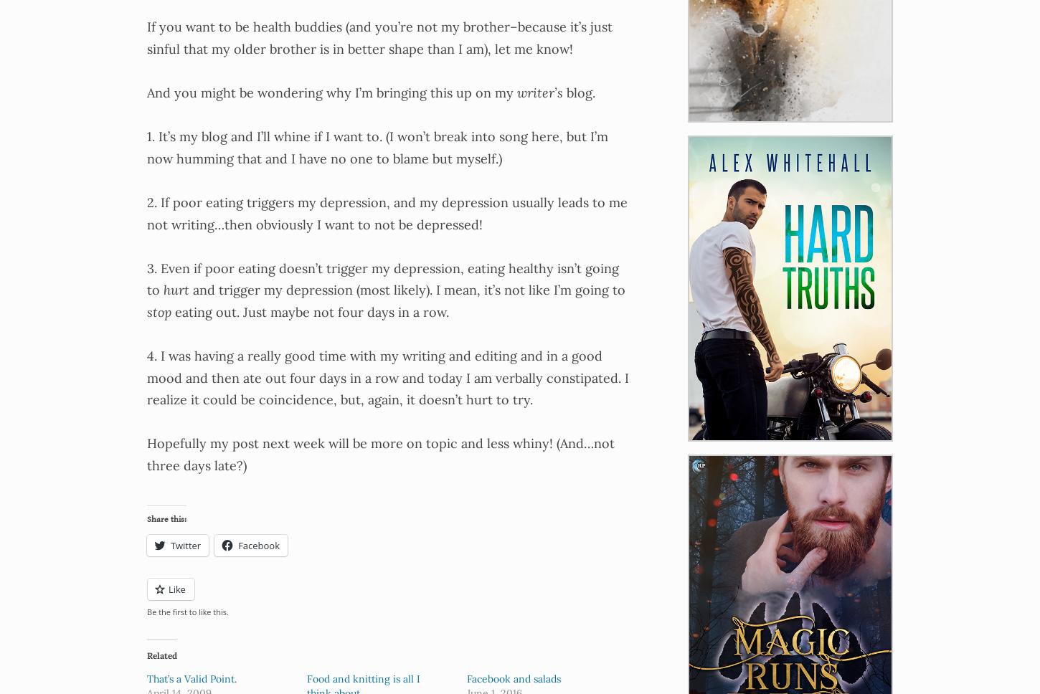 The image size is (1040, 694). What do you see at coordinates (259, 544) in the screenshot?
I see `'Facebook'` at bounding box center [259, 544].